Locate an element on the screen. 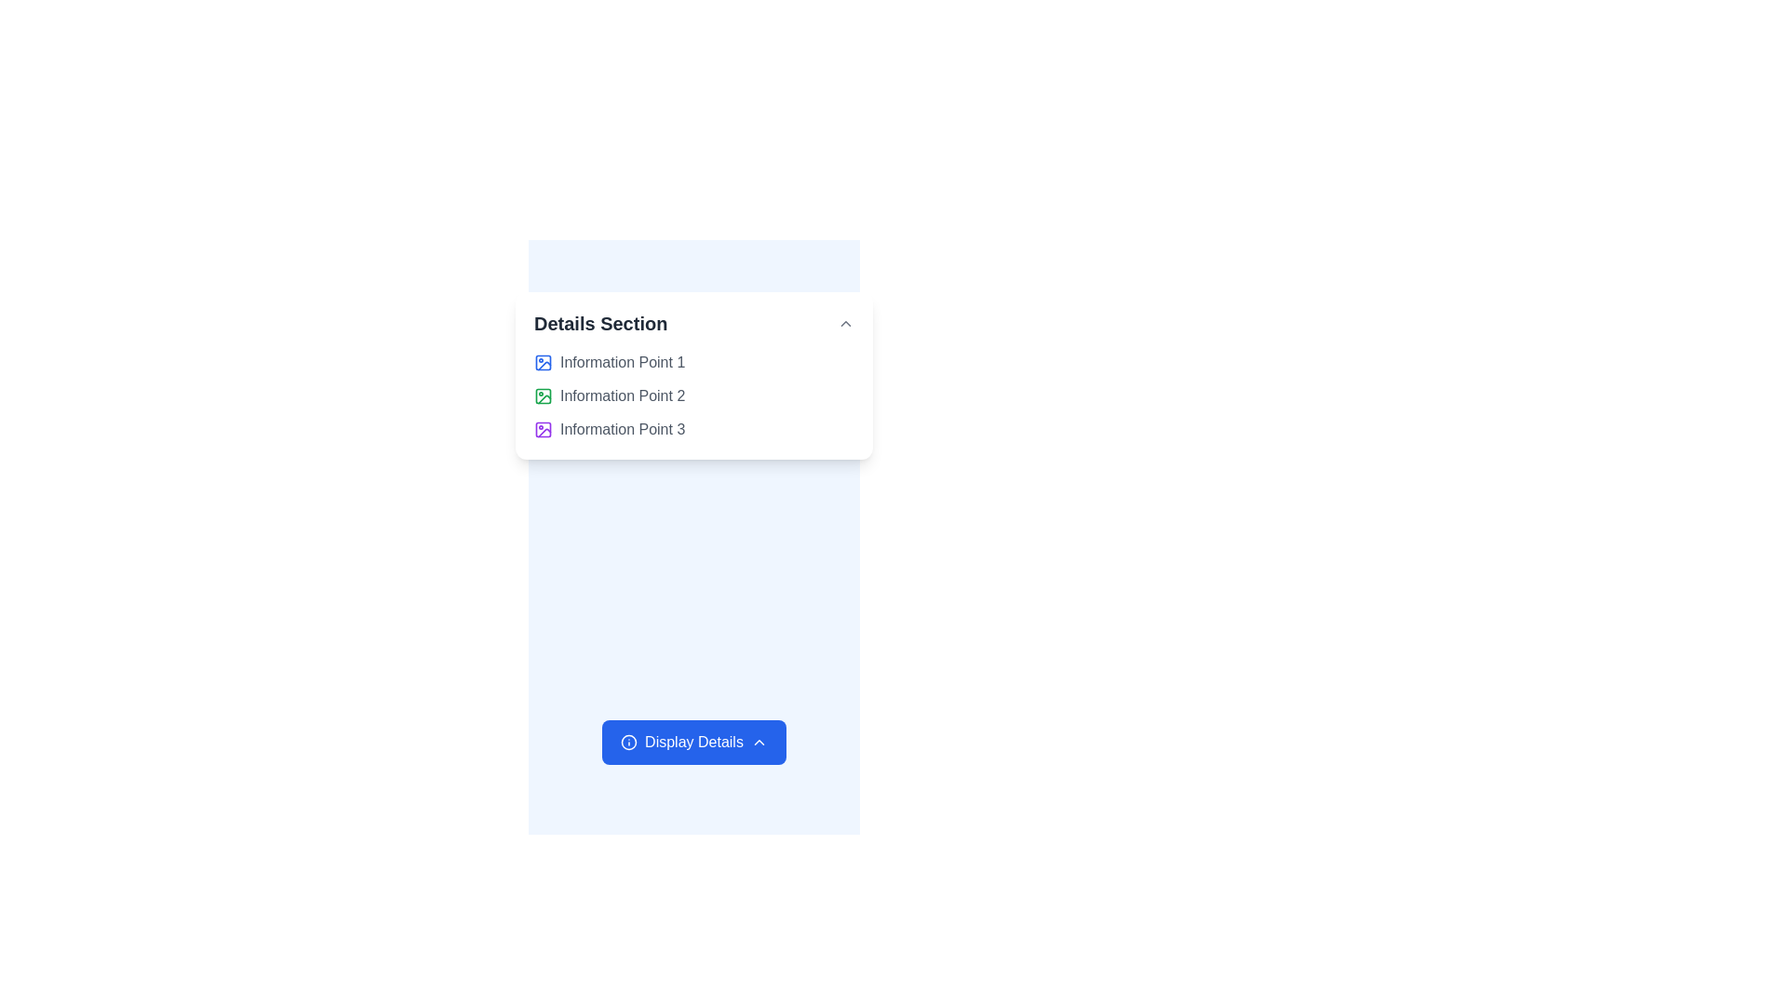 The image size is (1787, 1005). the button located at the bottom of the interface, below the 'Details Section', to navigate is located at coordinates (692, 742).